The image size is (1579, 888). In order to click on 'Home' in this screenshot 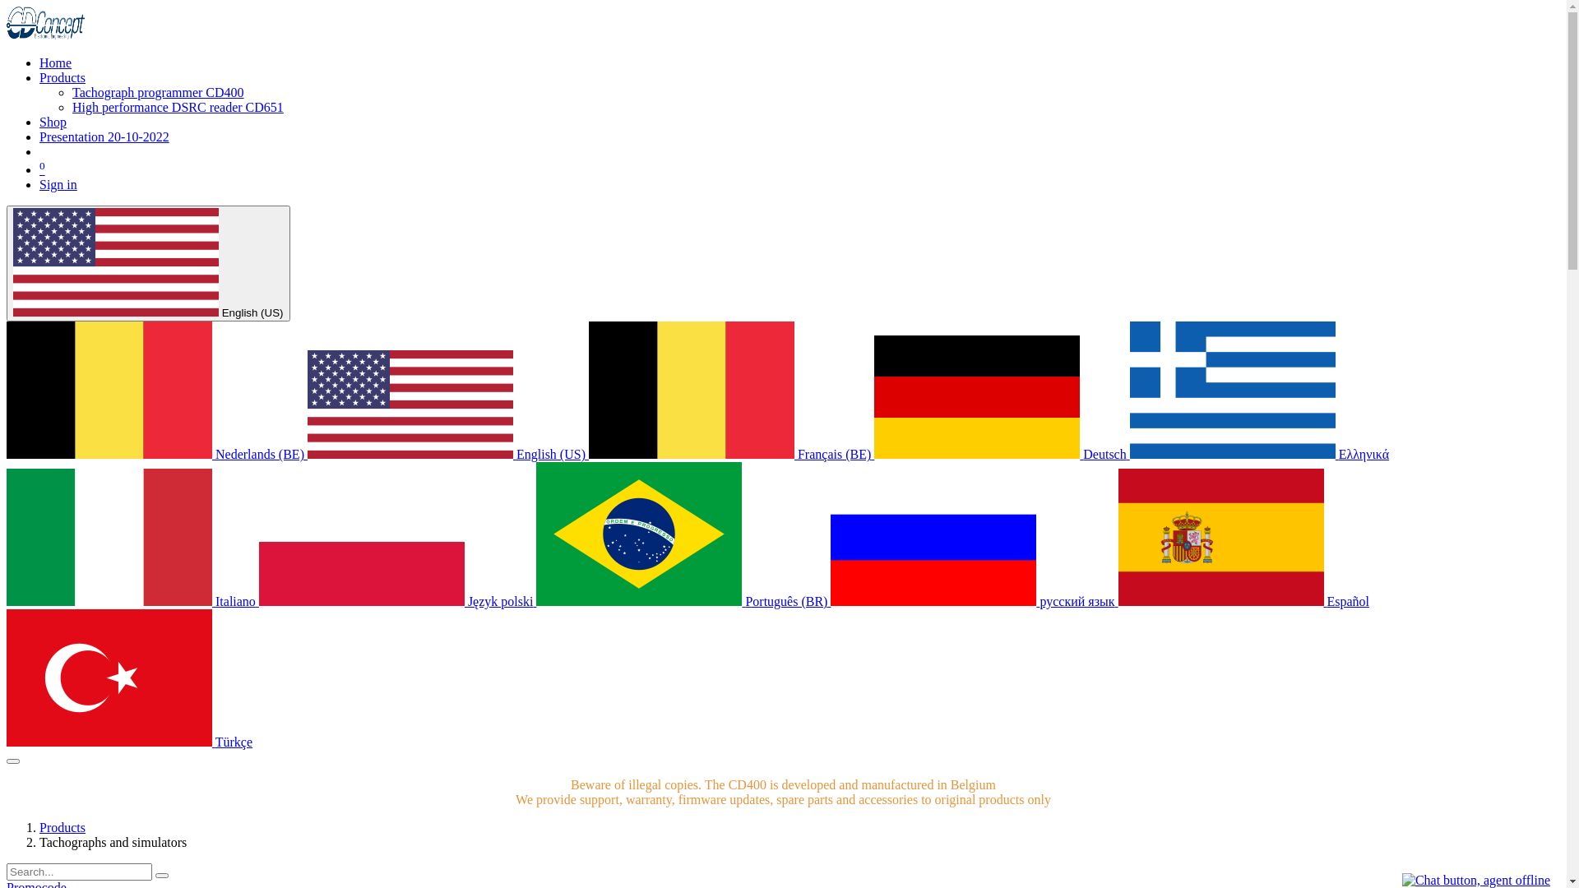, I will do `click(55, 62)`.